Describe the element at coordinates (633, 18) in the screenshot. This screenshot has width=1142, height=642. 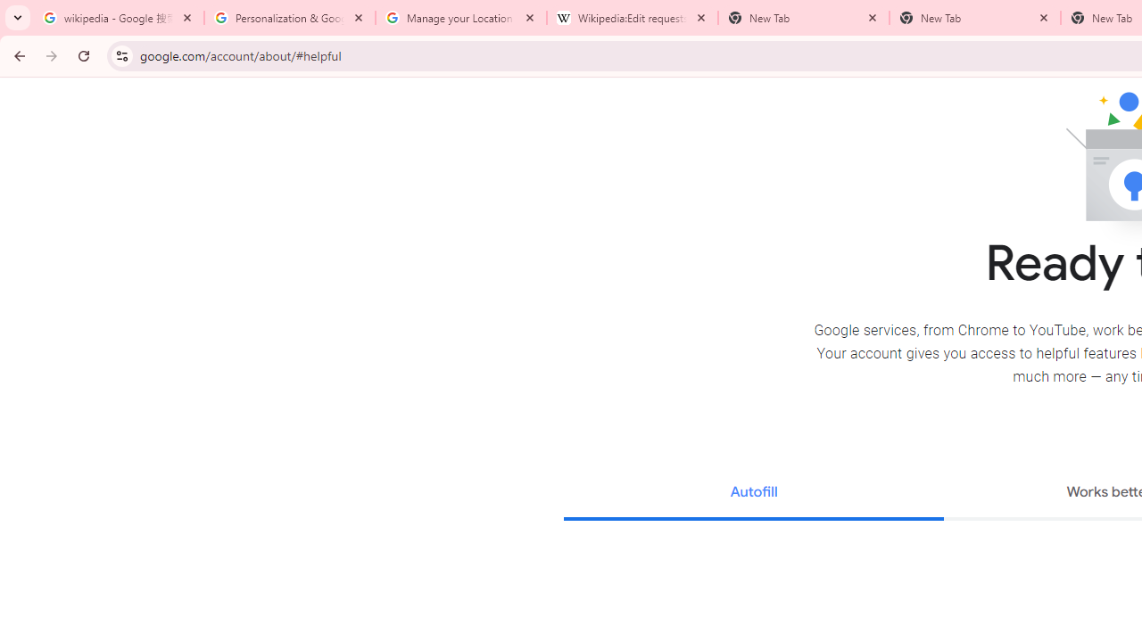
I see `'Wikipedia:Edit requests - Wikipedia'` at that location.